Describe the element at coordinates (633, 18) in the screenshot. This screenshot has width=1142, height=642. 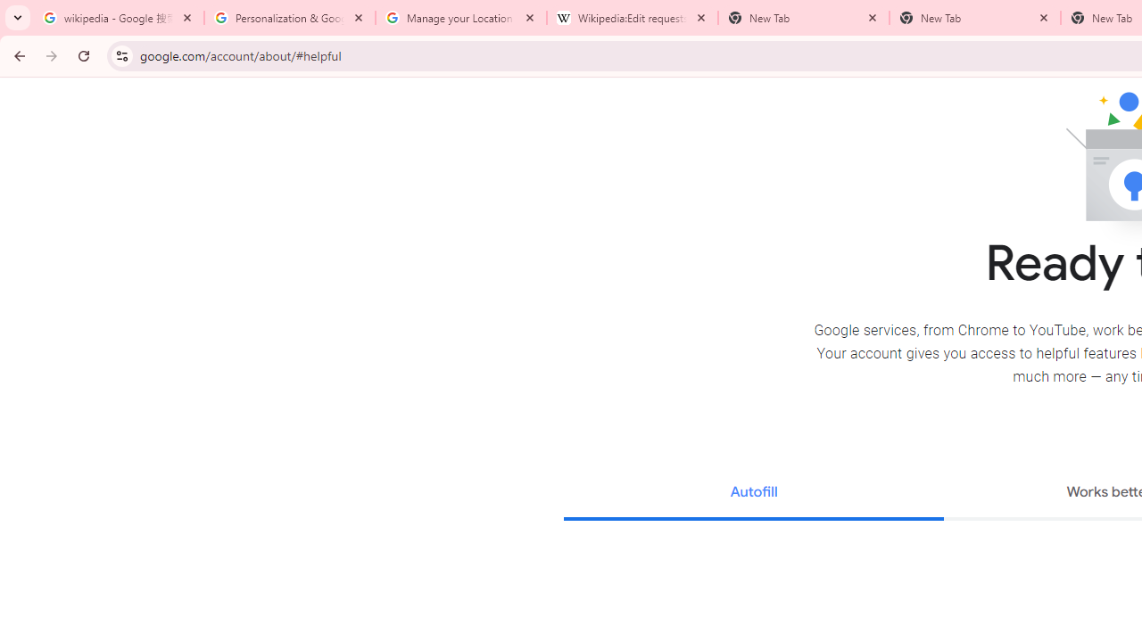
I see `'Wikipedia:Edit requests - Wikipedia'` at that location.